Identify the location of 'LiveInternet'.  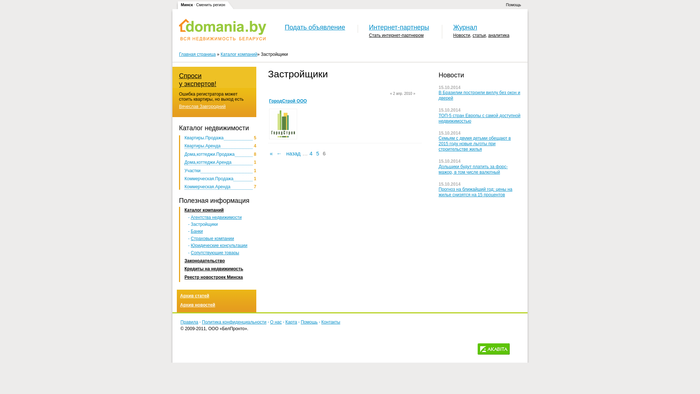
(517, 348).